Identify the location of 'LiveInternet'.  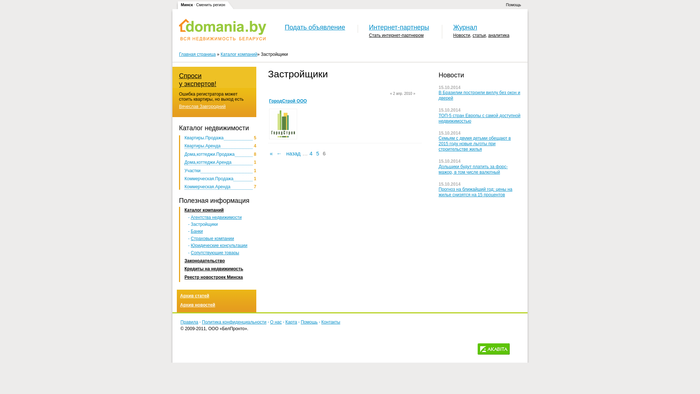
(517, 348).